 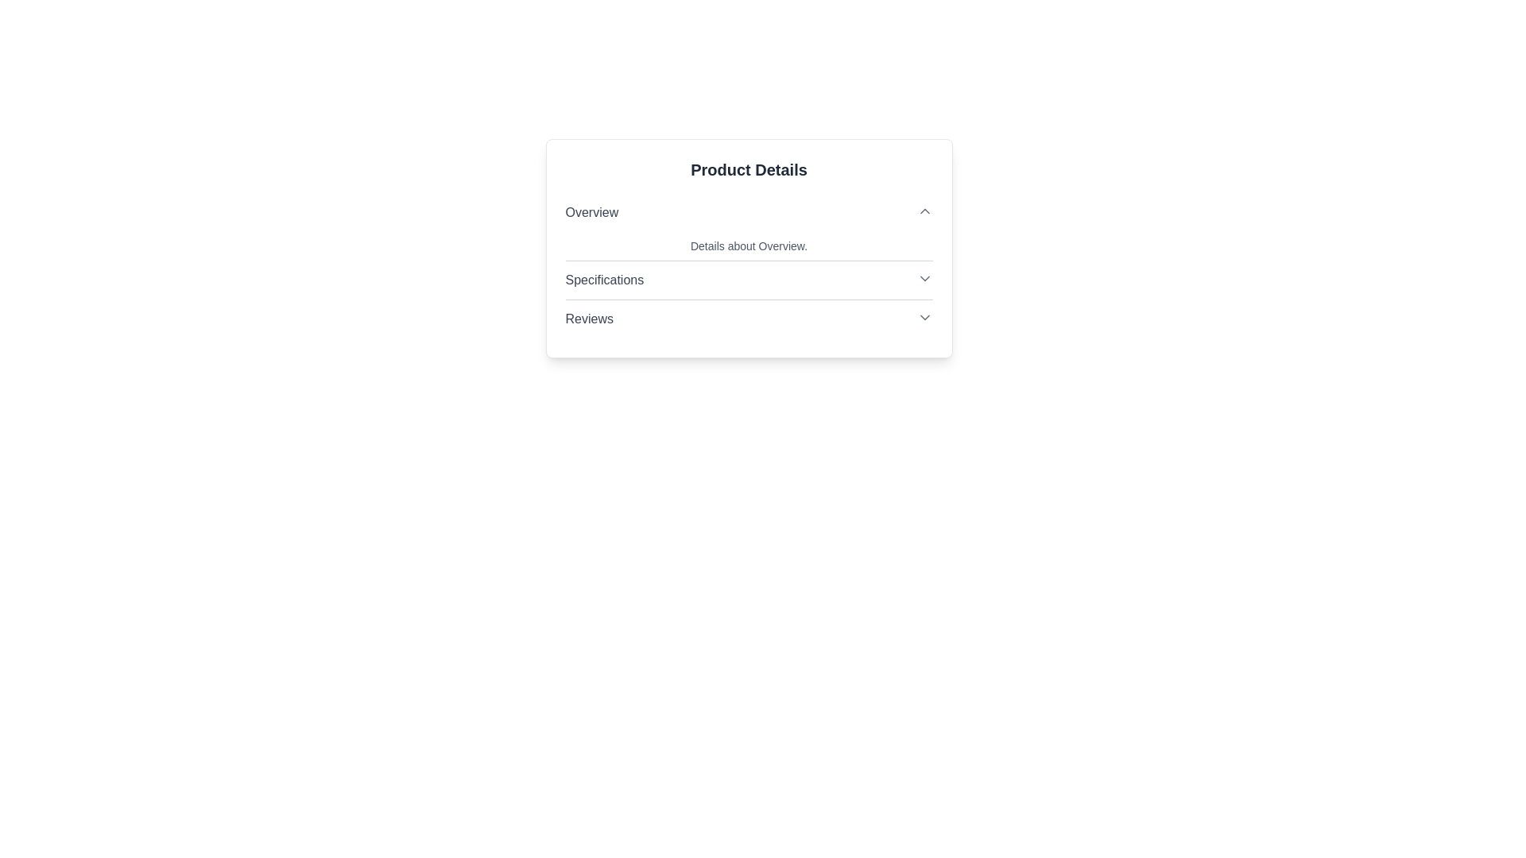 What do you see at coordinates (924, 318) in the screenshot?
I see `the compact, downward-facing chevron icon located at the far-right side of the 'Reviews' section` at bounding box center [924, 318].